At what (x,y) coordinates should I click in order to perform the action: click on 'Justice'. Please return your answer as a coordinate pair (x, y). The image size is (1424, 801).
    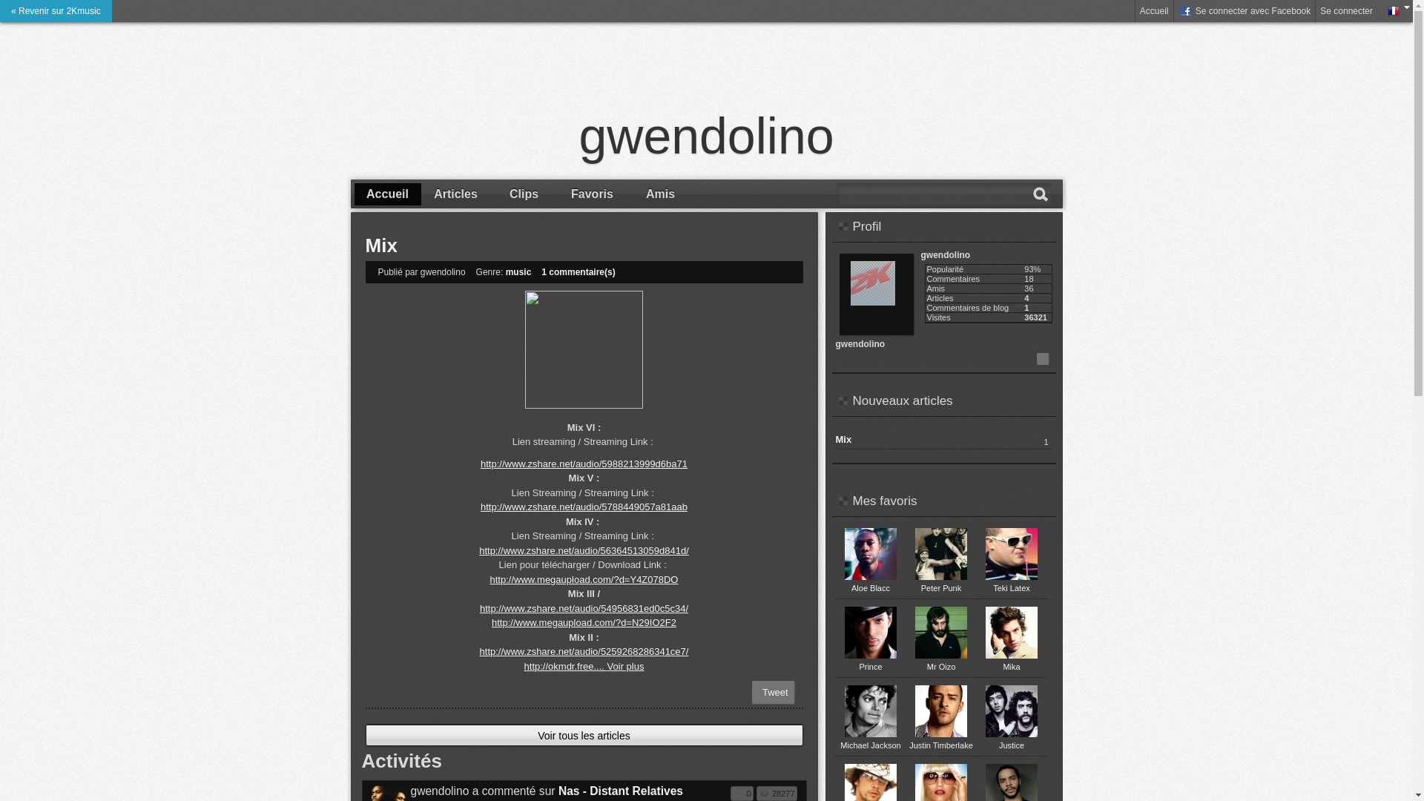
    Looking at the image, I should click on (1010, 745).